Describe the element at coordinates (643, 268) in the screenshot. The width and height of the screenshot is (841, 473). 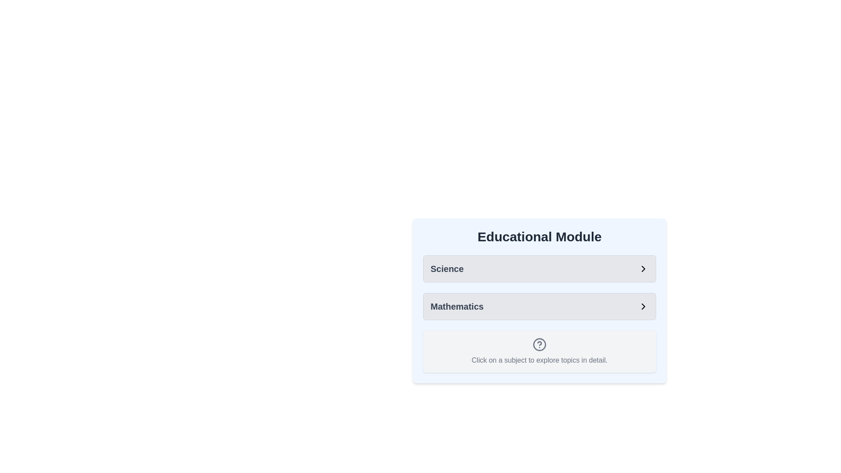
I see `the chevron icon located to the far right of the 'Science' row in the 'Educational Module' section` at that location.